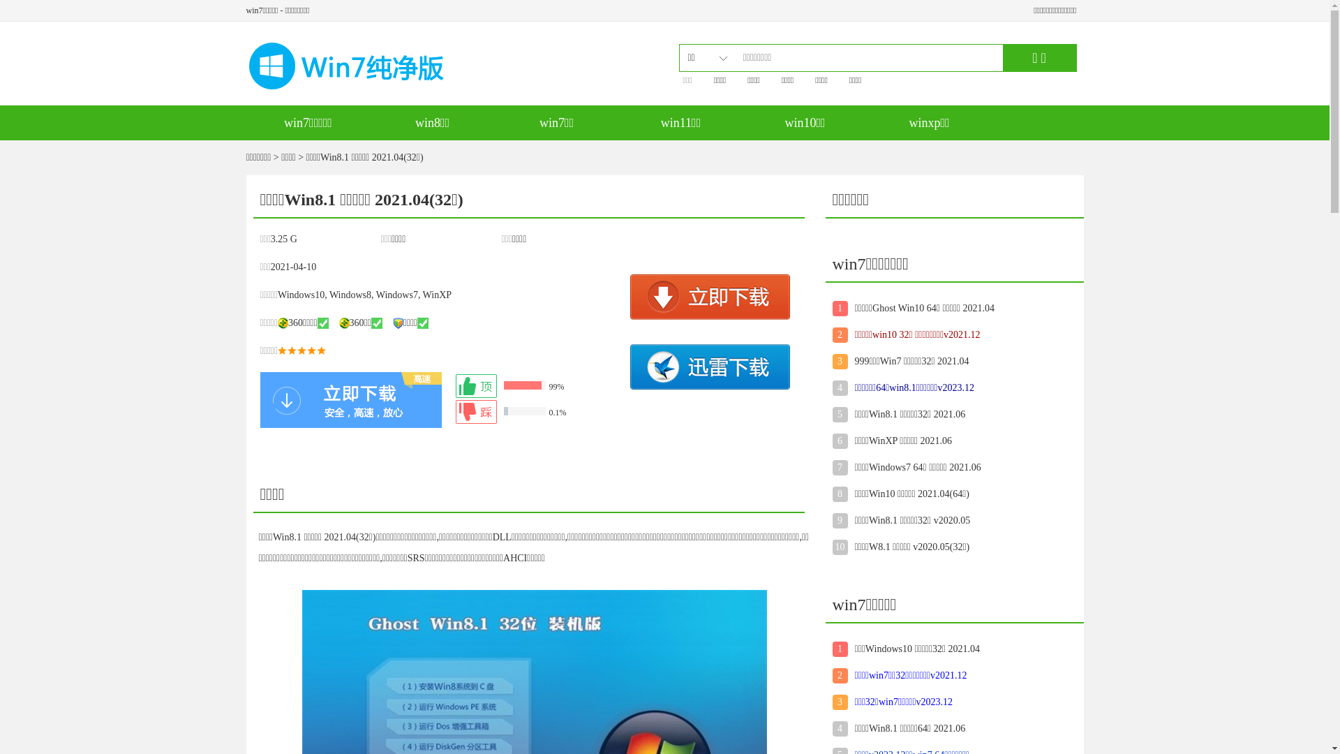  What do you see at coordinates (538, 385) in the screenshot?
I see `'99%'` at bounding box center [538, 385].